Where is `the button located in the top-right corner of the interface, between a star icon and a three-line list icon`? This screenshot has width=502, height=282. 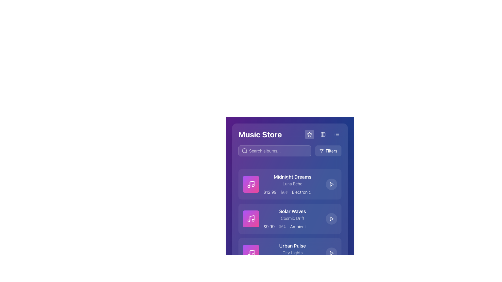 the button located in the top-right corner of the interface, between a star icon and a three-line list icon is located at coordinates (323, 134).